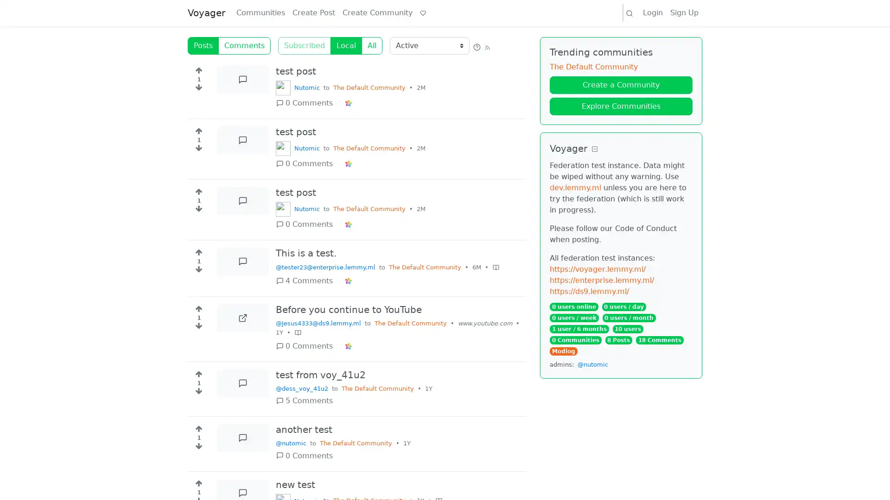 This screenshot has width=890, height=500. Describe the element at coordinates (198, 129) in the screenshot. I see `Upvote` at that location.